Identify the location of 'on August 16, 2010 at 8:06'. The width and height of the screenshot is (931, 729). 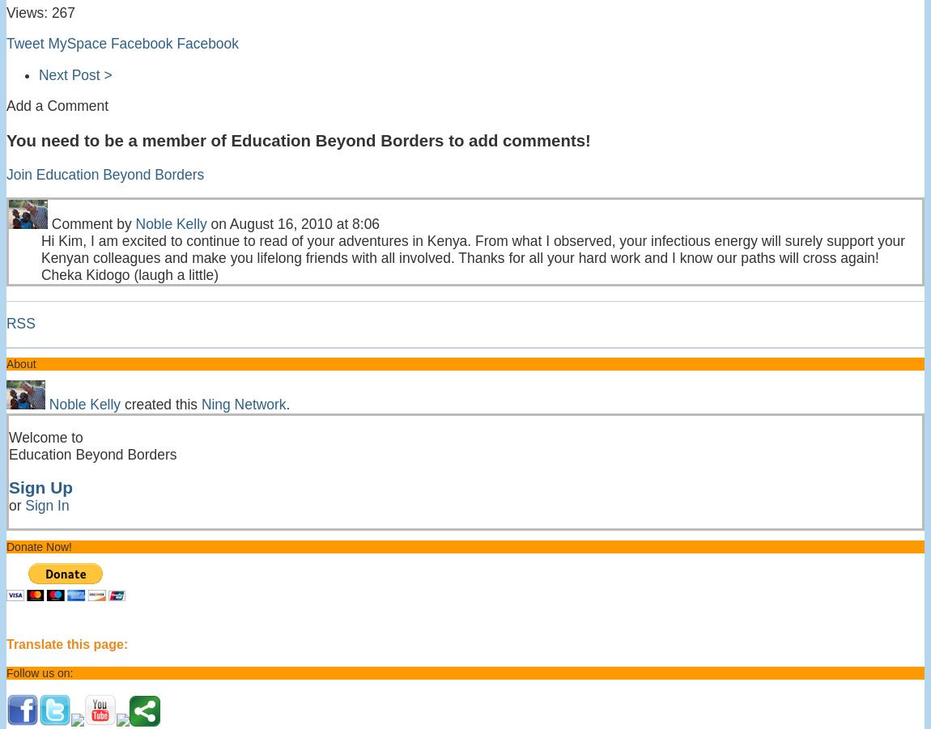
(293, 223).